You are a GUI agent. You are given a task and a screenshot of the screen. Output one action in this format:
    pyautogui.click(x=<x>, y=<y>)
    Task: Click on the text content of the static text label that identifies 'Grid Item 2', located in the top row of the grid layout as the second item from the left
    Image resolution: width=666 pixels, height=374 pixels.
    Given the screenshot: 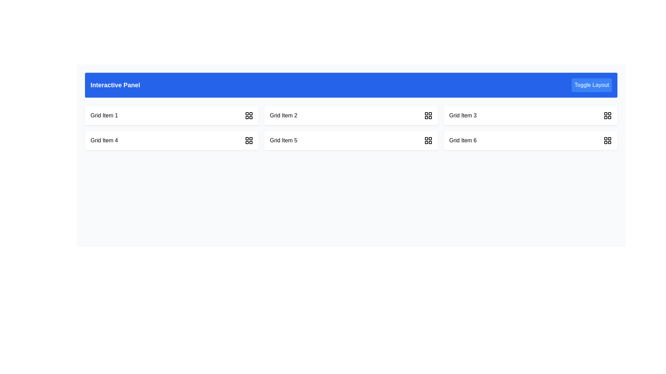 What is the action you would take?
    pyautogui.click(x=283, y=115)
    